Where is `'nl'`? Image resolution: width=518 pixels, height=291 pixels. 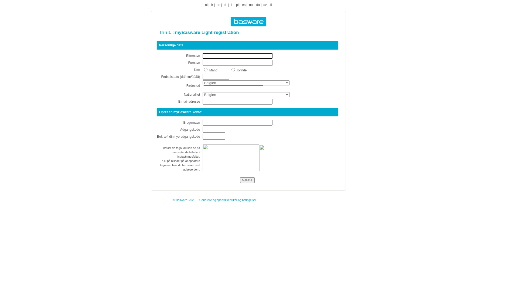 'nl' is located at coordinates (206, 5).